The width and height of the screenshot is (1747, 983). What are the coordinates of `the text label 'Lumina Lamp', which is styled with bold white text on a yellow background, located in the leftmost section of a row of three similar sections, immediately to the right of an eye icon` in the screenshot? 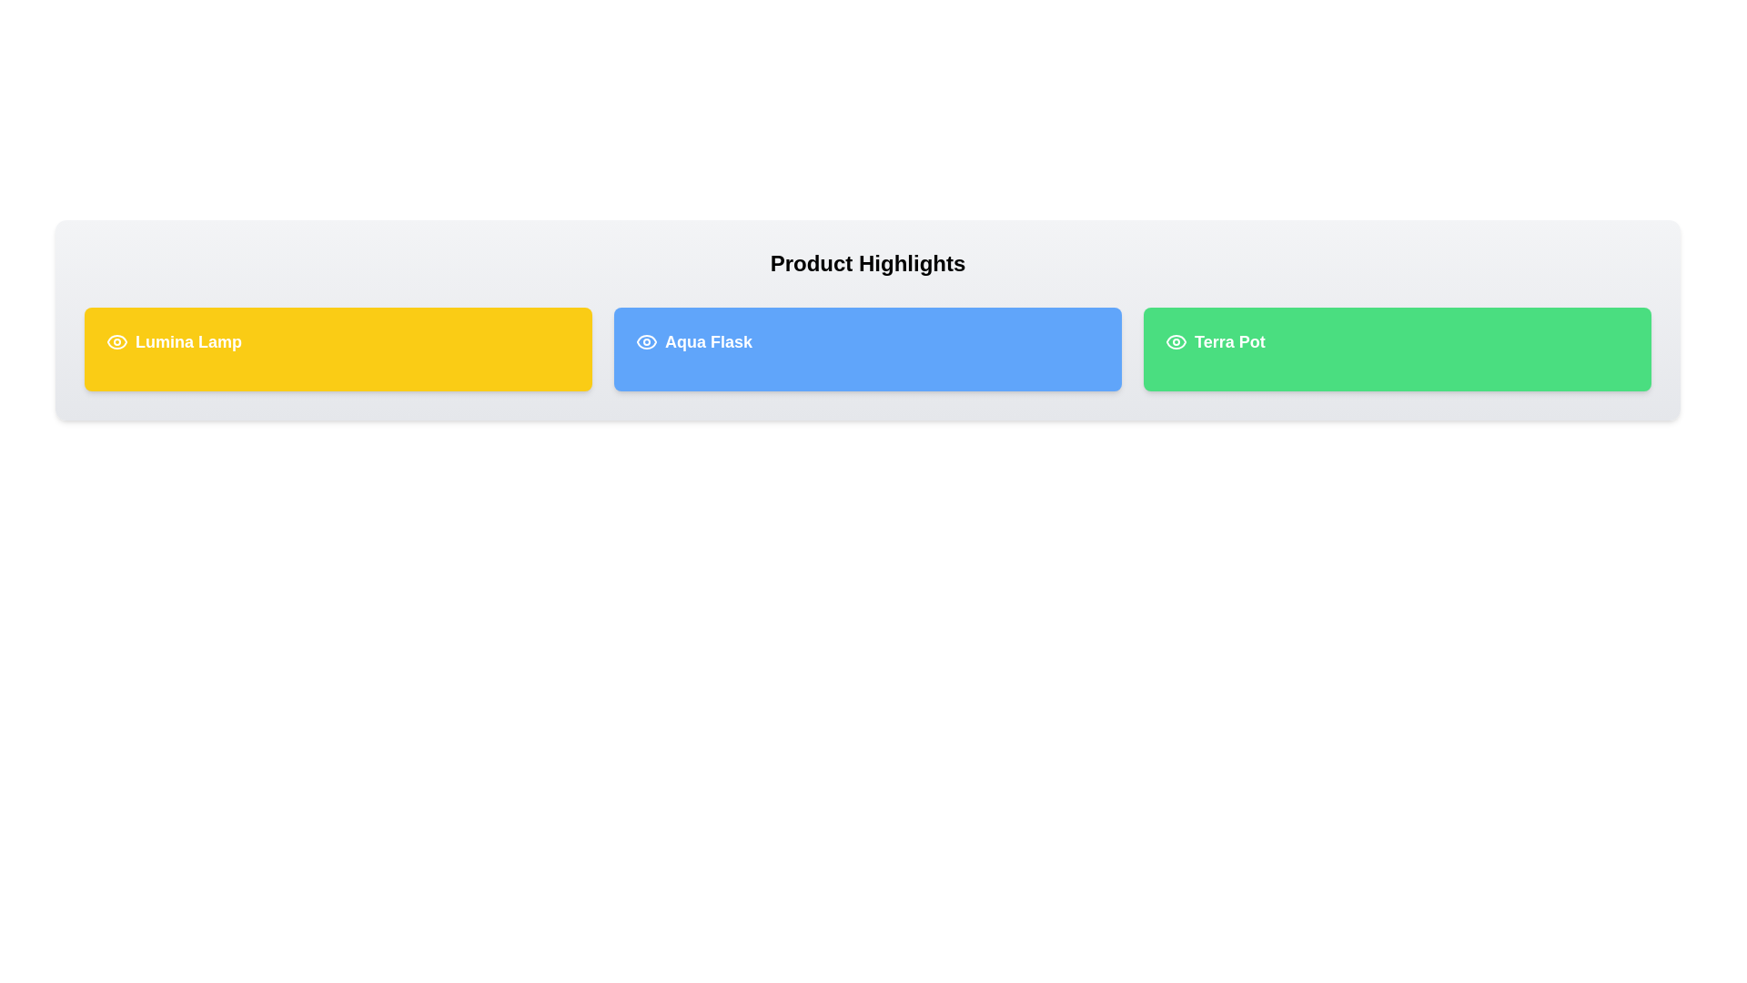 It's located at (188, 341).